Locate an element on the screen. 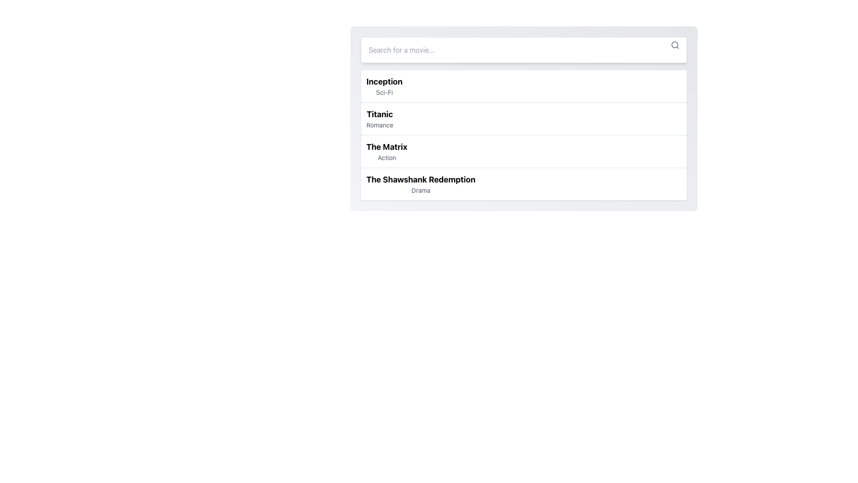  the search bar input field located at the top of the panel to focus on it is located at coordinates (524, 50).